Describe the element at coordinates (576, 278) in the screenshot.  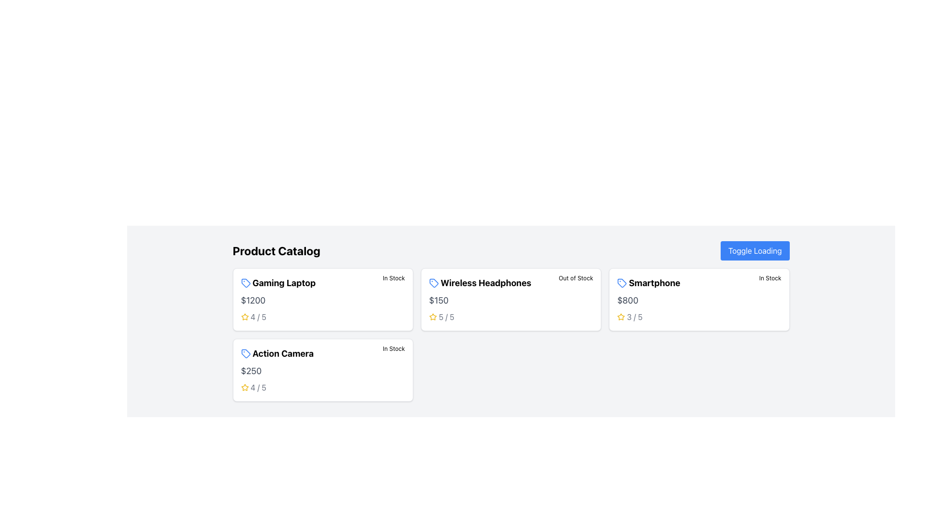
I see `the 'Out of Stock' badge, a small rectangular badge with rounded corners and a light red background, located at the top-right corner of the product card for 'Wireless Headphones'` at that location.